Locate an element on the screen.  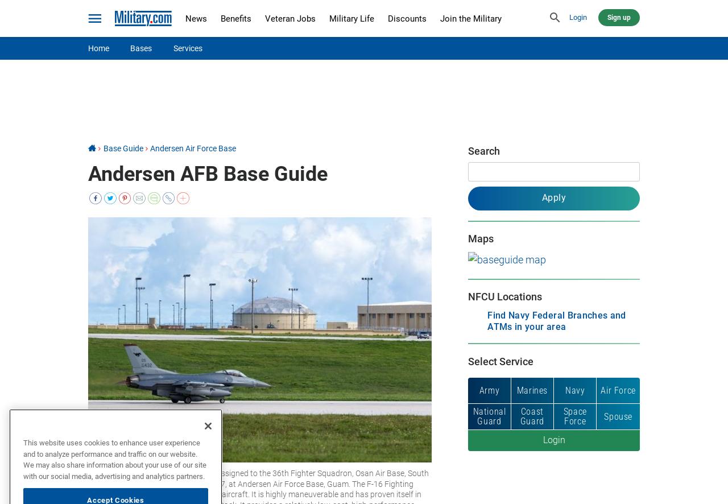
'Bases' is located at coordinates (140, 47).